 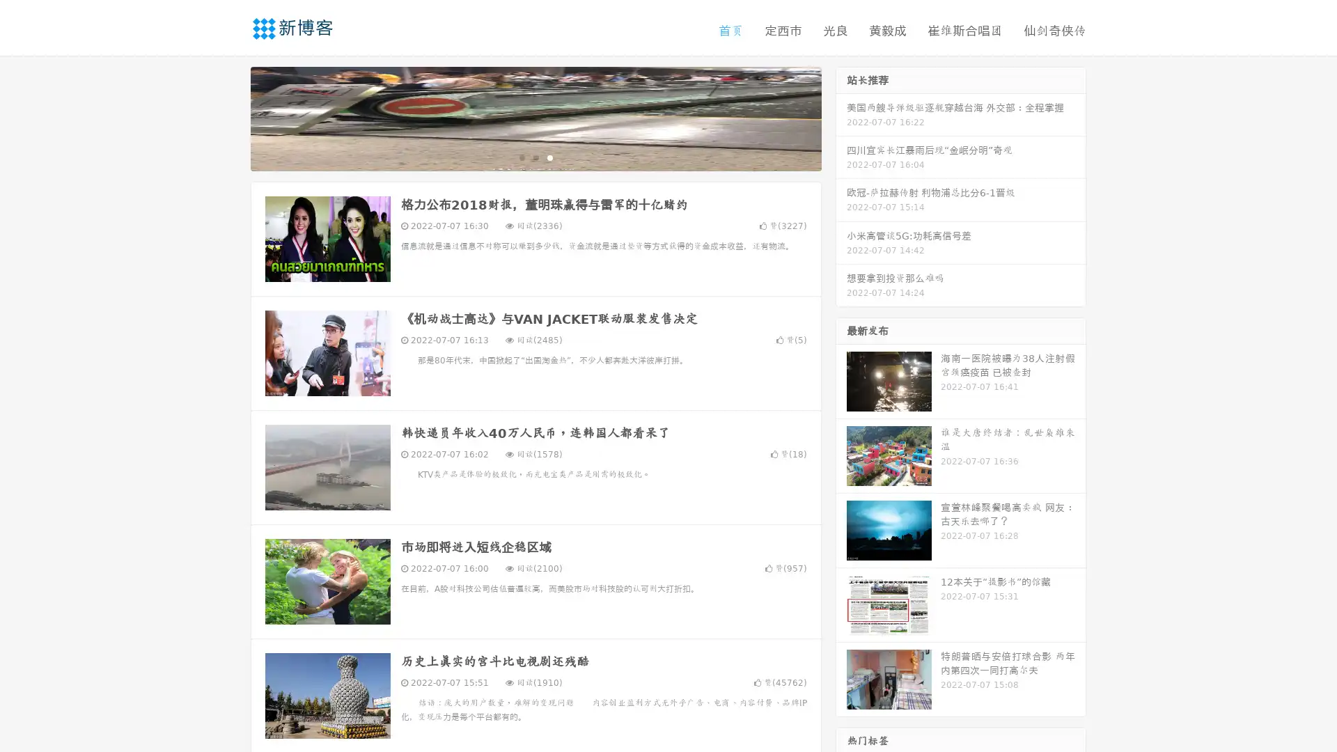 I want to click on Previous slide, so click(x=230, y=117).